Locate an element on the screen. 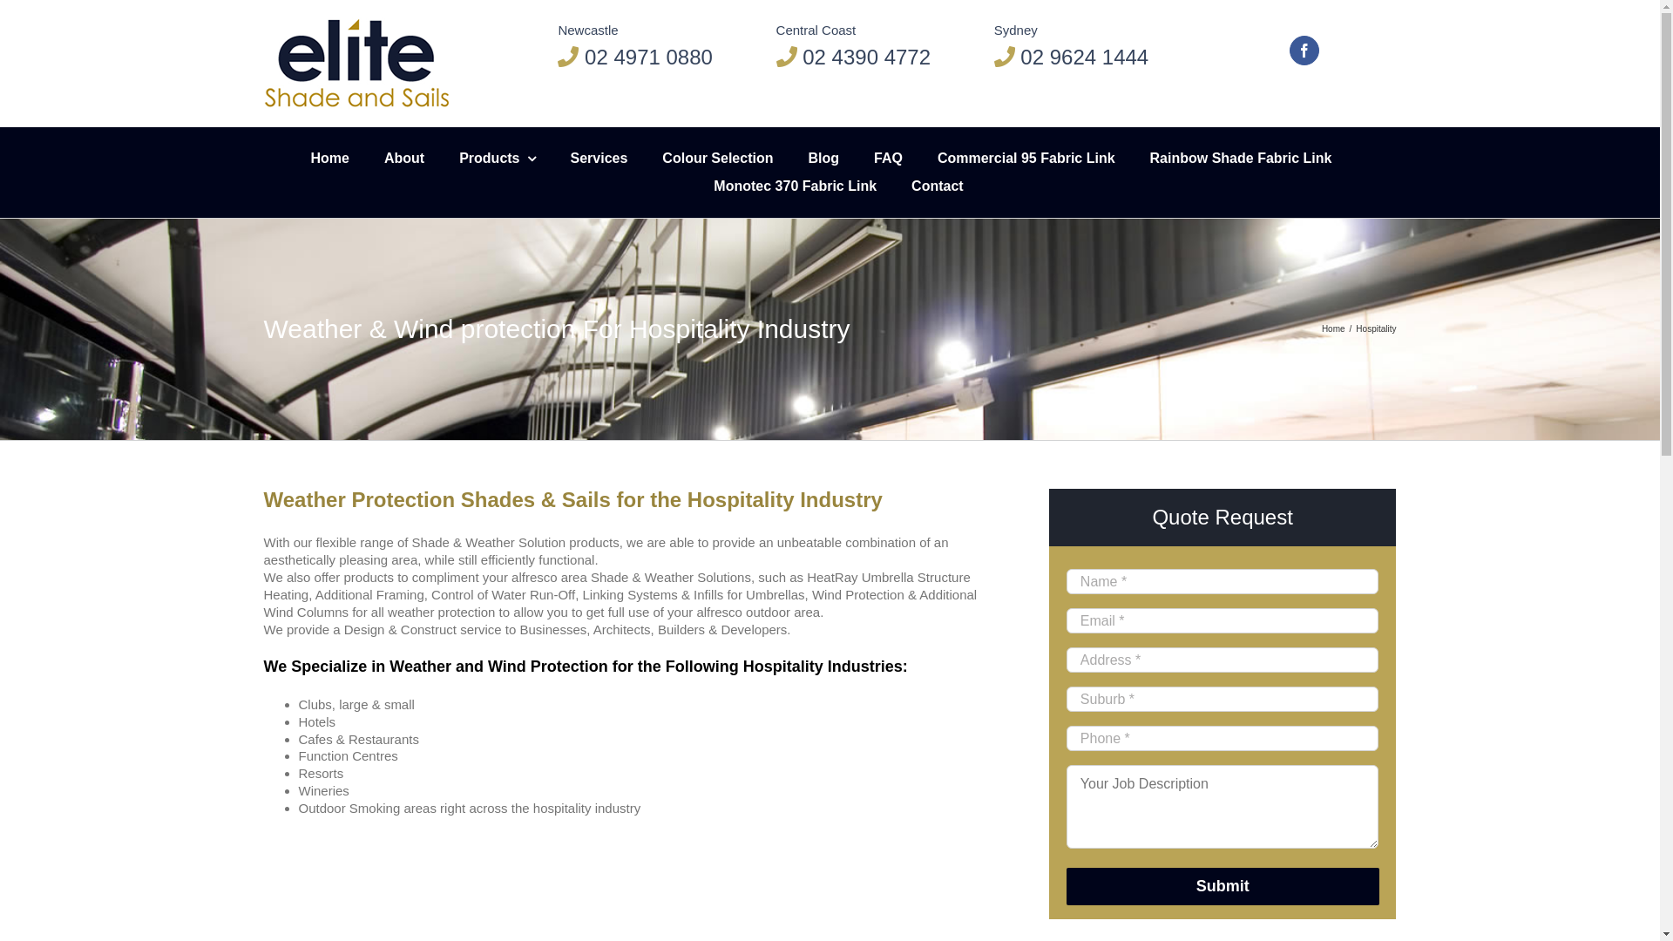 Image resolution: width=1673 pixels, height=941 pixels. 'Rainbow Shade Fabric Link' is located at coordinates (1240, 158).